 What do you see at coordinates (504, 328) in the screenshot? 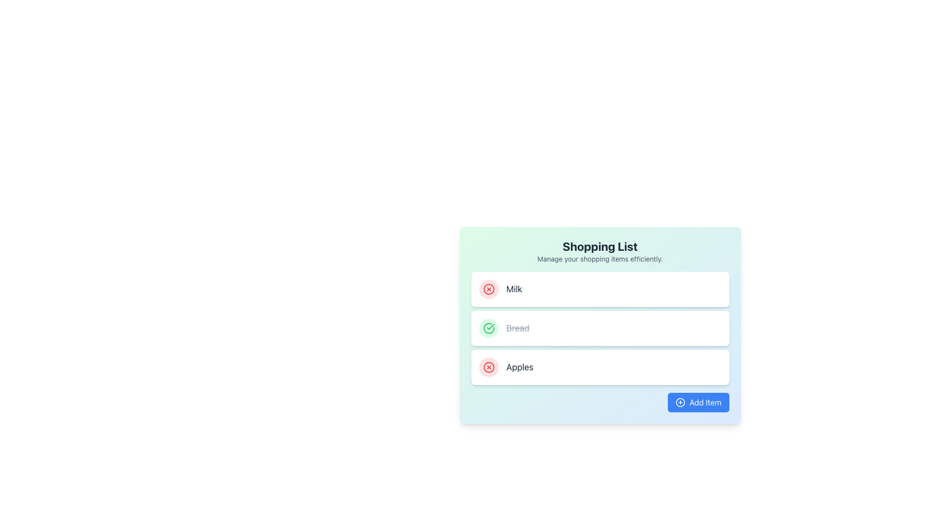
I see `the List Item displaying 'Bread' with a strikethrough style and a green check mark, indicating it is completed` at bounding box center [504, 328].